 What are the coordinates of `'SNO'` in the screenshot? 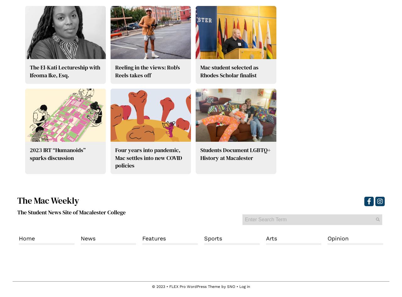 It's located at (231, 286).